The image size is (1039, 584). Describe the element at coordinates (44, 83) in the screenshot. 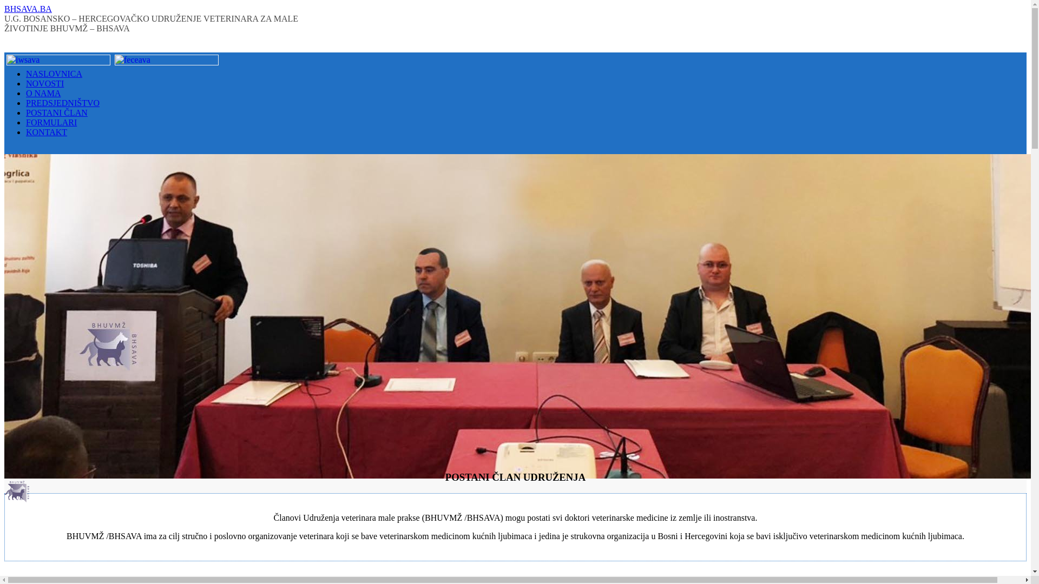

I see `'NOVOSTI'` at that location.